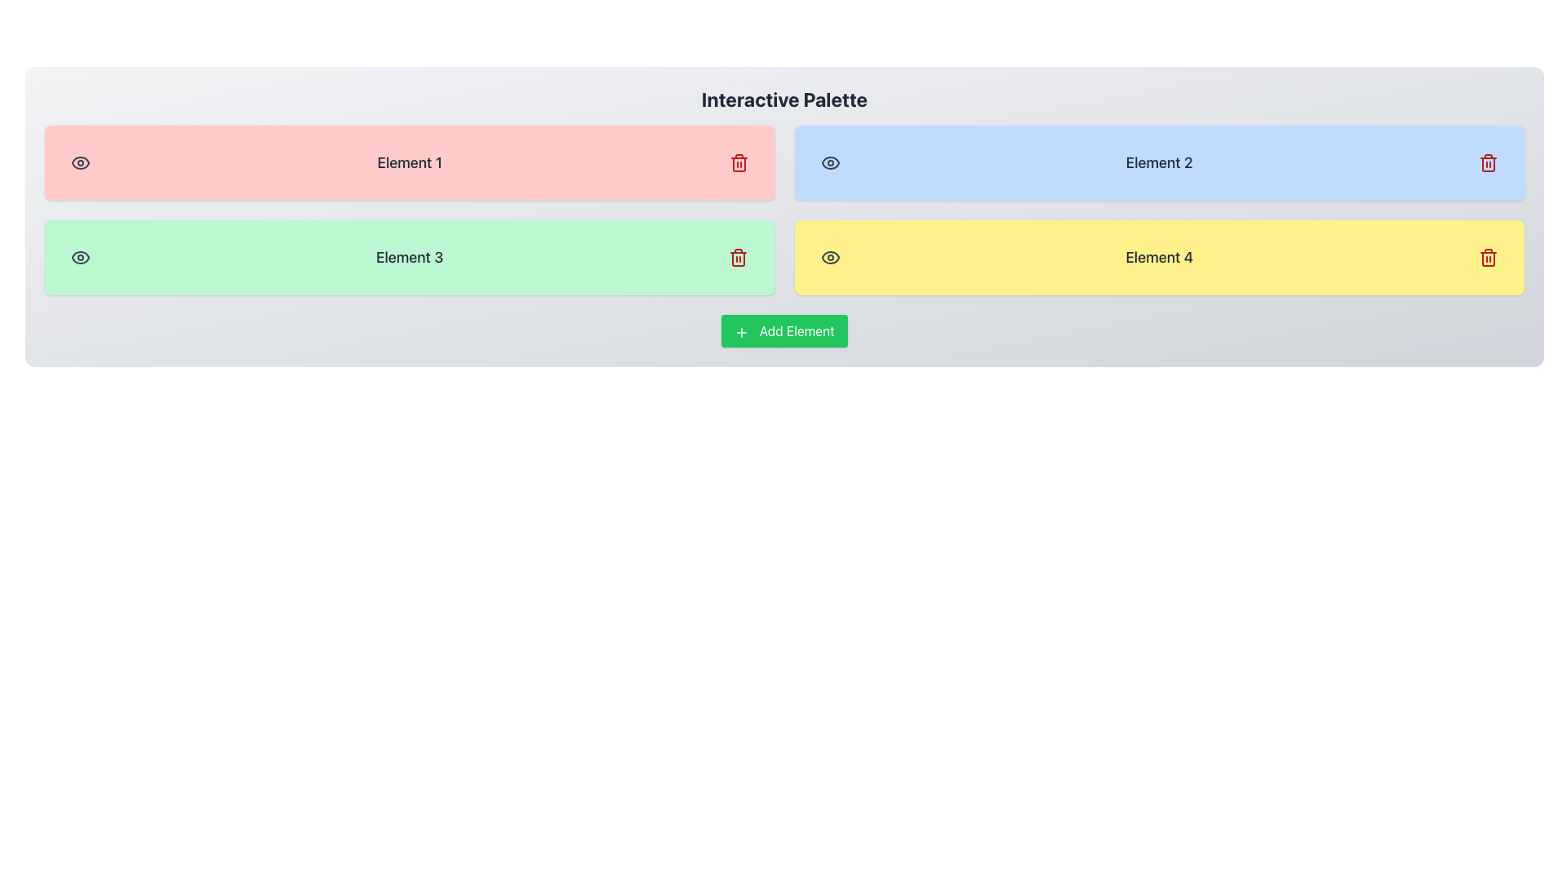 The height and width of the screenshot is (881, 1567). I want to click on the deletion button located at the rightmost position within the rectangular box labeled 'Element 1', so click(738, 163).